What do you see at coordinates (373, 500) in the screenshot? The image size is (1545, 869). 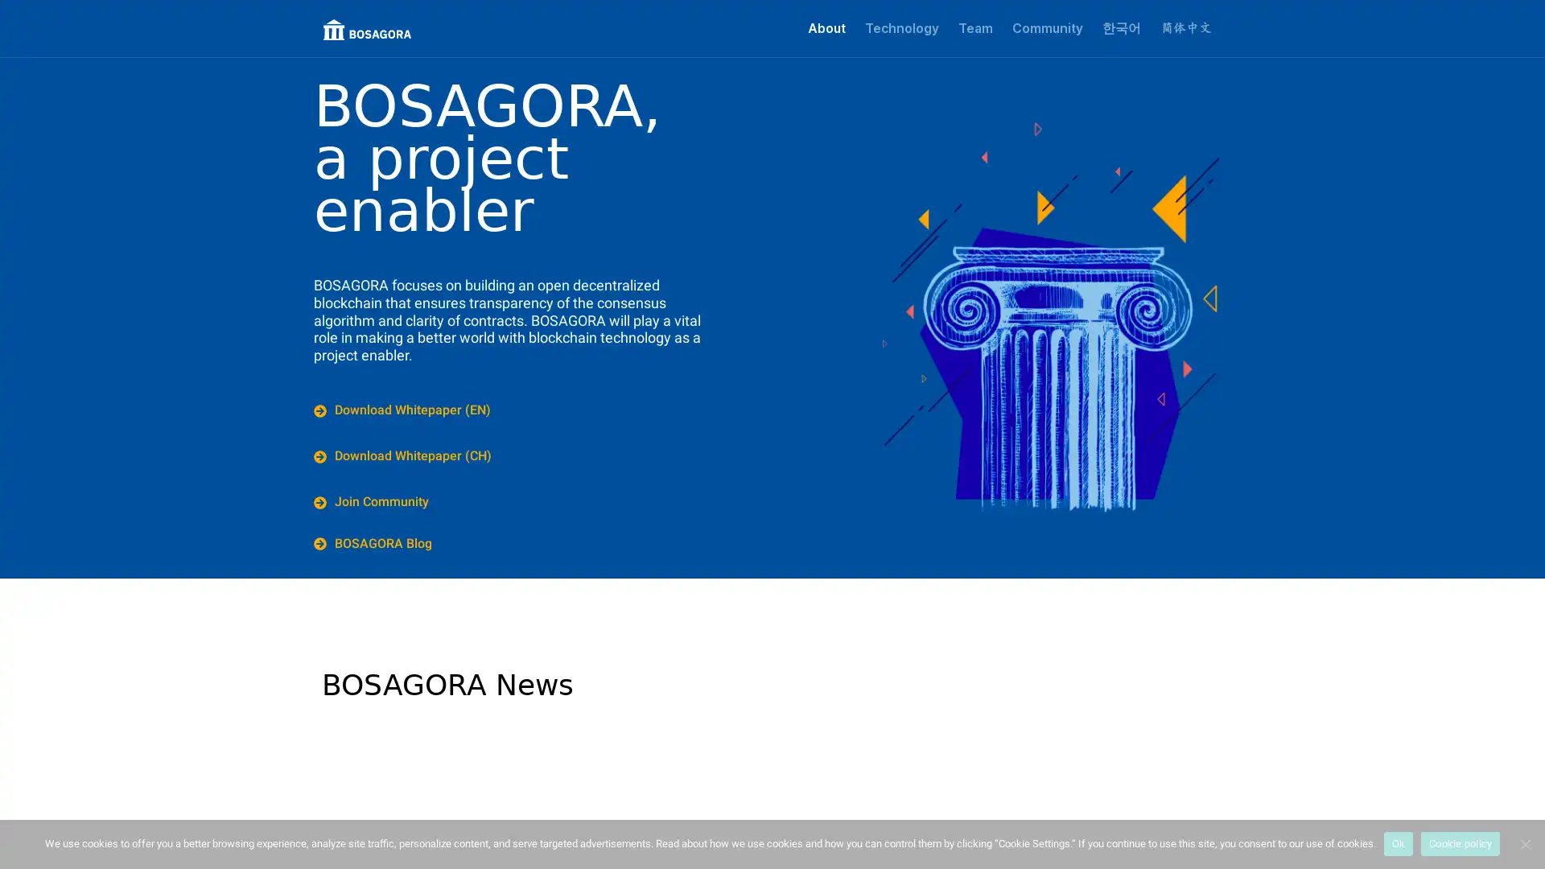 I see `Join Community` at bounding box center [373, 500].